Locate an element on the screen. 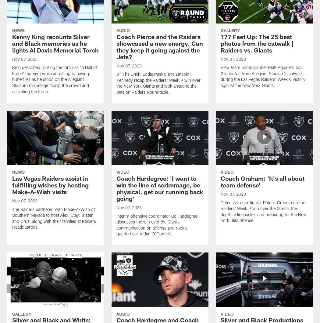 Image resolution: width=320 pixels, height=323 pixels. 'King described lighting the torch as "a Hall of Fame" moment while admitting to having butterflies as he stood on the Allegiant Stadium mainstage facing the crowd and activating the torch.' is located at coordinates (55, 80).